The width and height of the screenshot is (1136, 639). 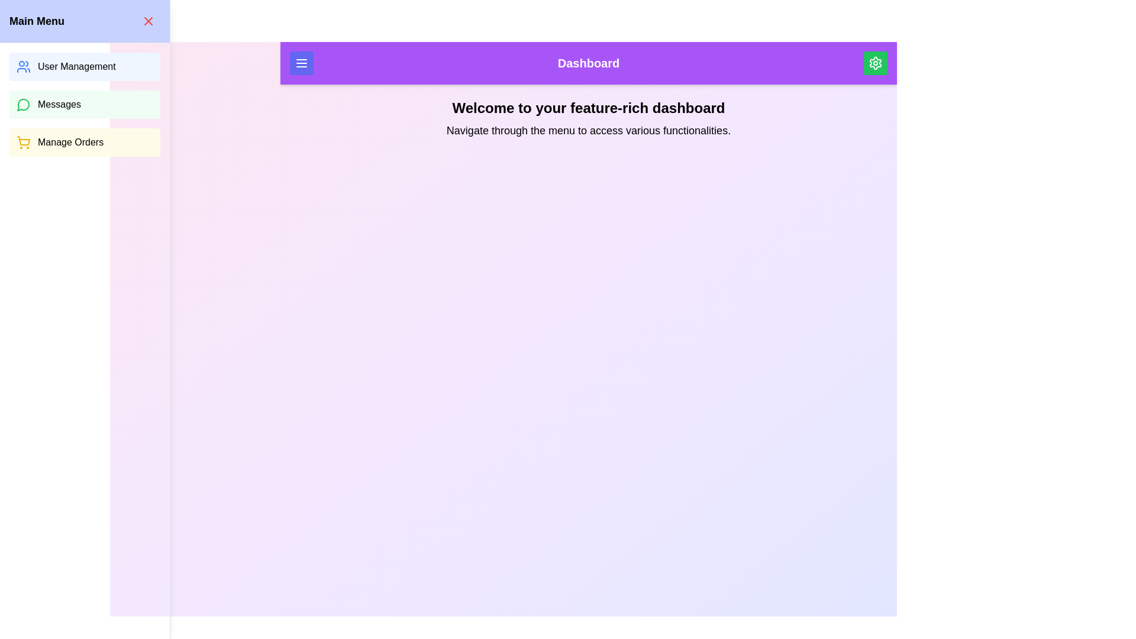 What do you see at coordinates (84, 104) in the screenshot?
I see `the 'Messages' button, which is the second item in the vertical menu list within the 'Main Menu' sidebar` at bounding box center [84, 104].